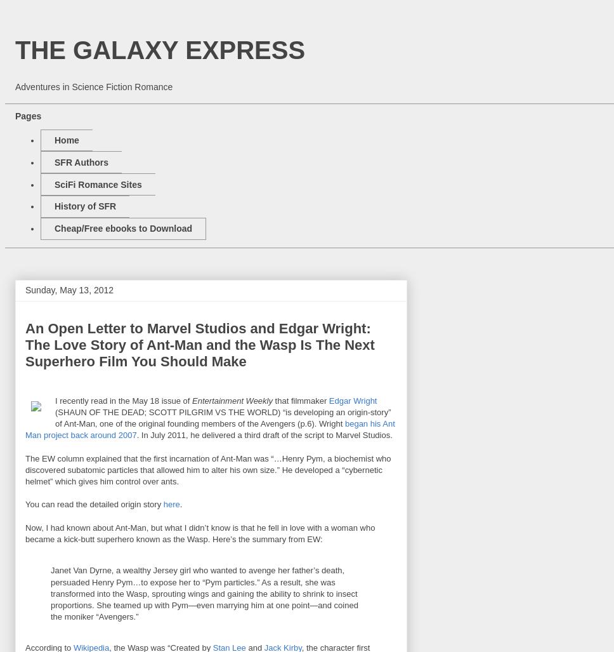  Describe the element at coordinates (352, 399) in the screenshot. I see `'Edgar Wright'` at that location.